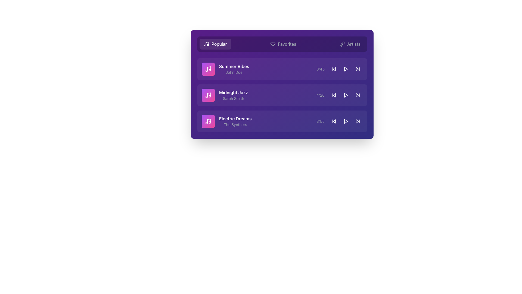 Image resolution: width=522 pixels, height=294 pixels. Describe the element at coordinates (350, 44) in the screenshot. I see `the 'Artists' button in the top-right navigation bar, which features a microphone icon and transitions colors on hover` at that location.